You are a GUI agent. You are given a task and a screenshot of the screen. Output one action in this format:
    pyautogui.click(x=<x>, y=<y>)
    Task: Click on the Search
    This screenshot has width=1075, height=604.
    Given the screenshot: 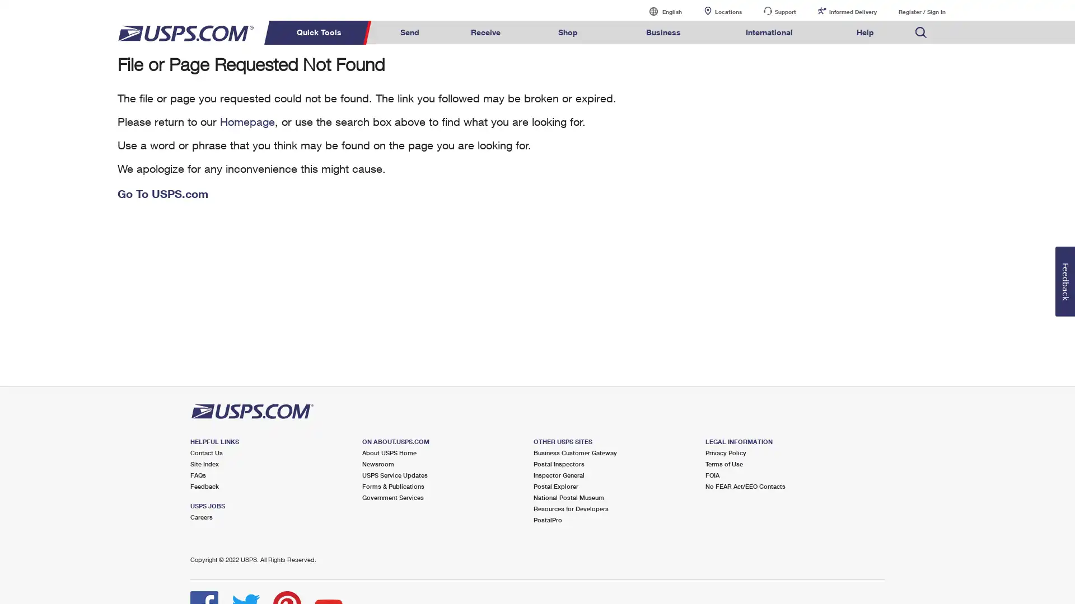 What is the action you would take?
    pyautogui.click(x=925, y=290)
    